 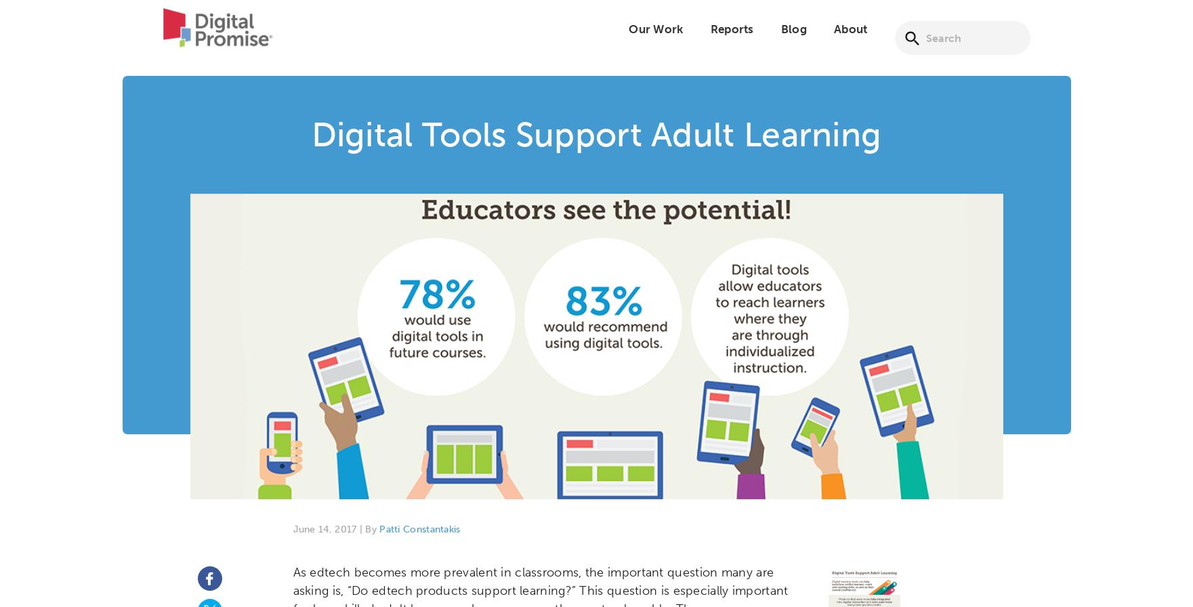 I want to click on 'Micro-credentials', so click(x=603, y=49).